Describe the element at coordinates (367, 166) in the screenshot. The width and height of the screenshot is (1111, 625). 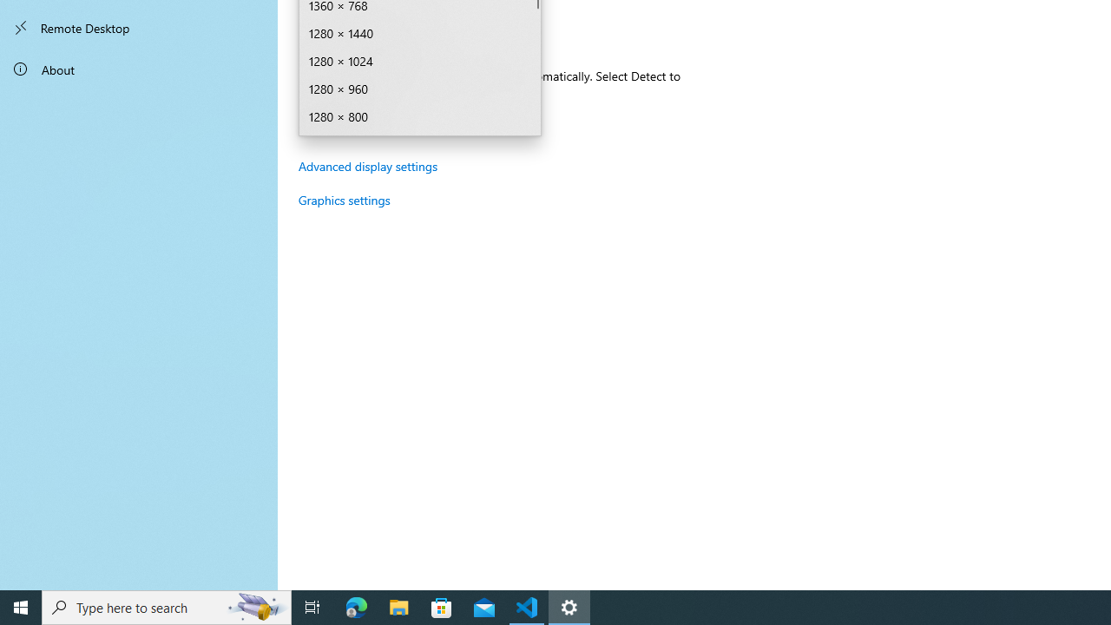
I see `'Advanced display settings'` at that location.